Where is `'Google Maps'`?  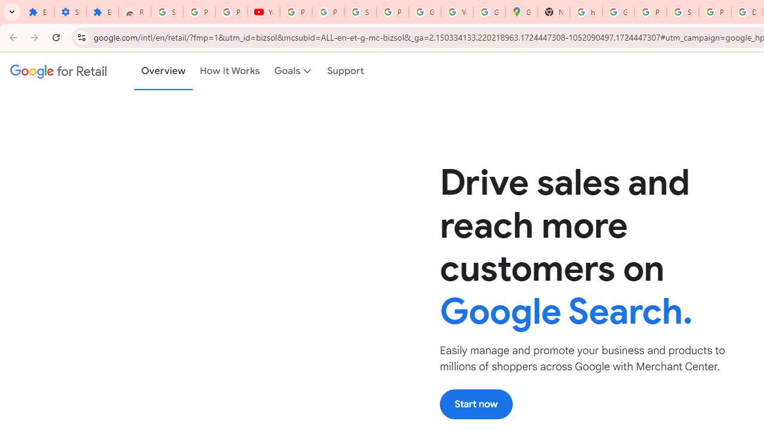
'Google Maps' is located at coordinates (522, 12).